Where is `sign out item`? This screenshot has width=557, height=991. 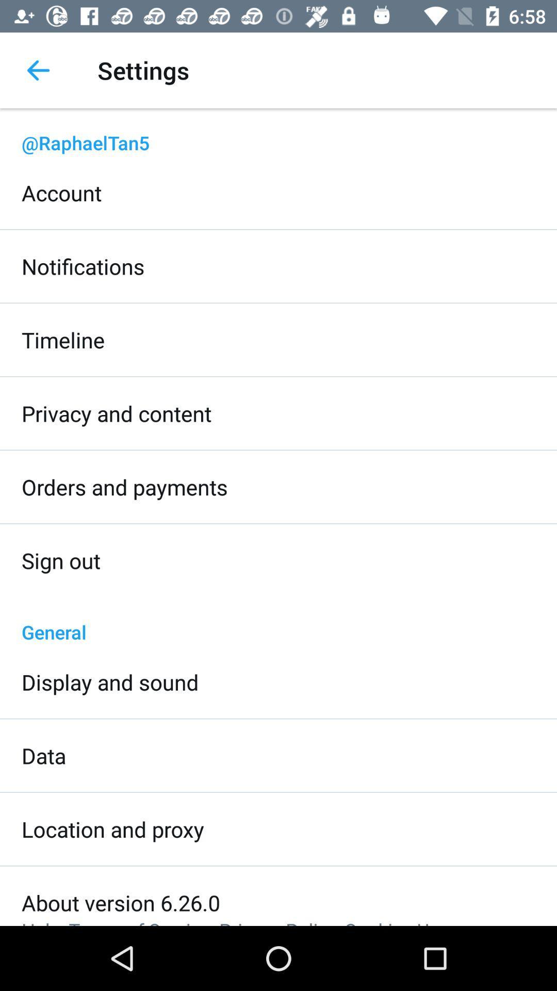
sign out item is located at coordinates (61, 560).